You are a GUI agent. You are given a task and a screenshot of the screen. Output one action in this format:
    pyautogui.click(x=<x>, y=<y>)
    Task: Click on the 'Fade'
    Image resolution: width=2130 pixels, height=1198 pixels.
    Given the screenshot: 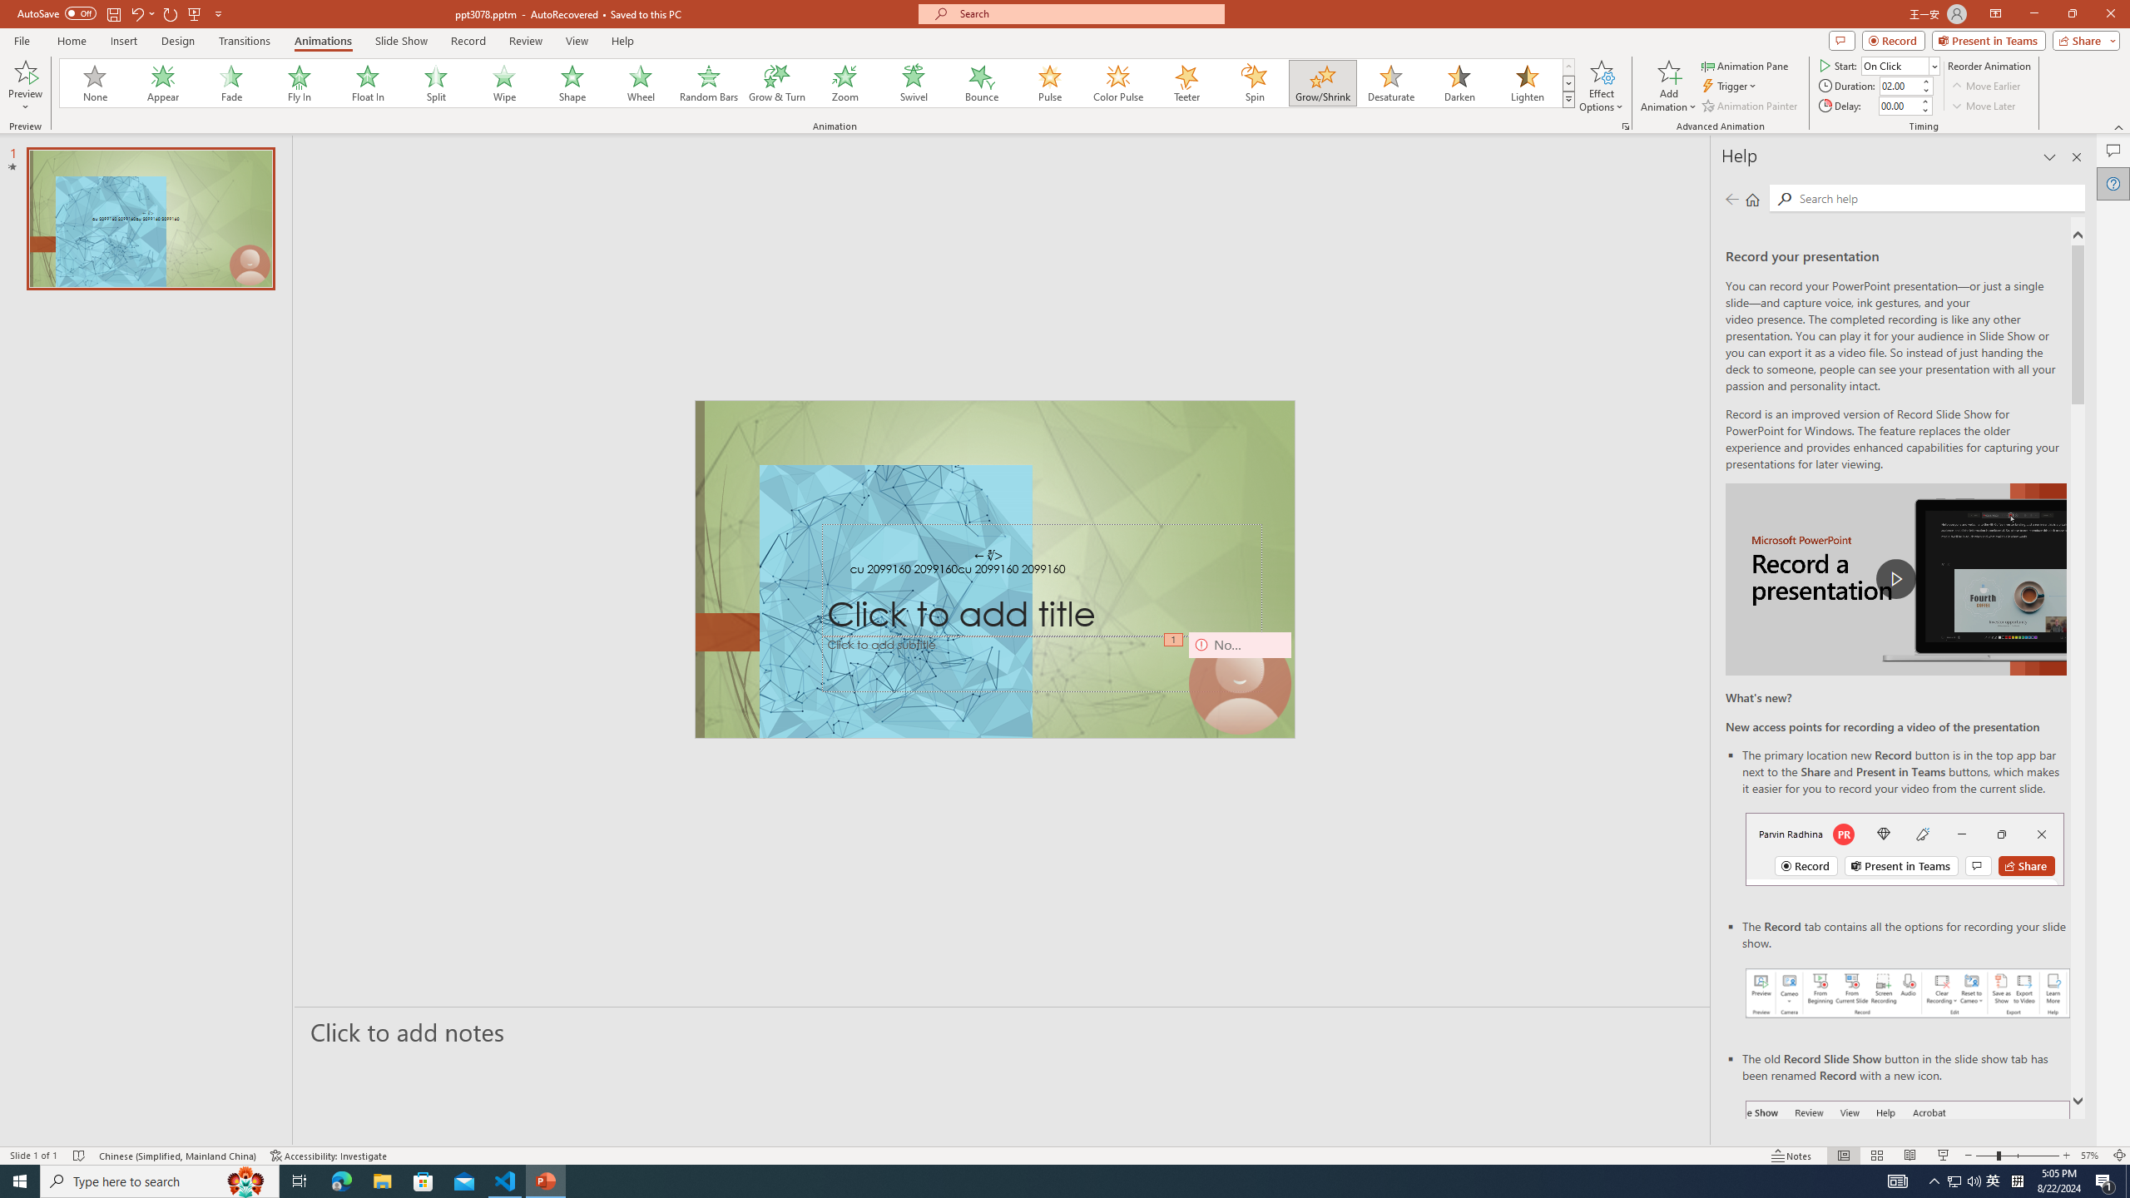 What is the action you would take?
    pyautogui.click(x=231, y=82)
    